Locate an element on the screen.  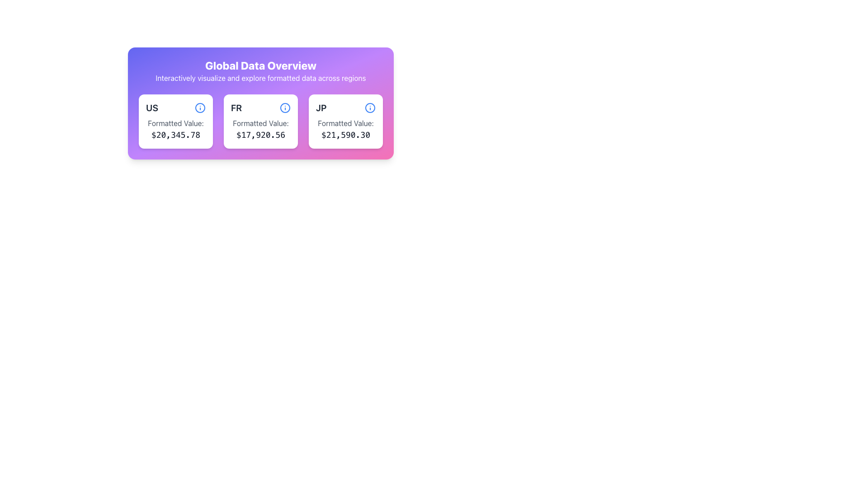
the text component displaying 'FR' in a bold font, positioned on the left side of a blue circular icon is located at coordinates (236, 108).